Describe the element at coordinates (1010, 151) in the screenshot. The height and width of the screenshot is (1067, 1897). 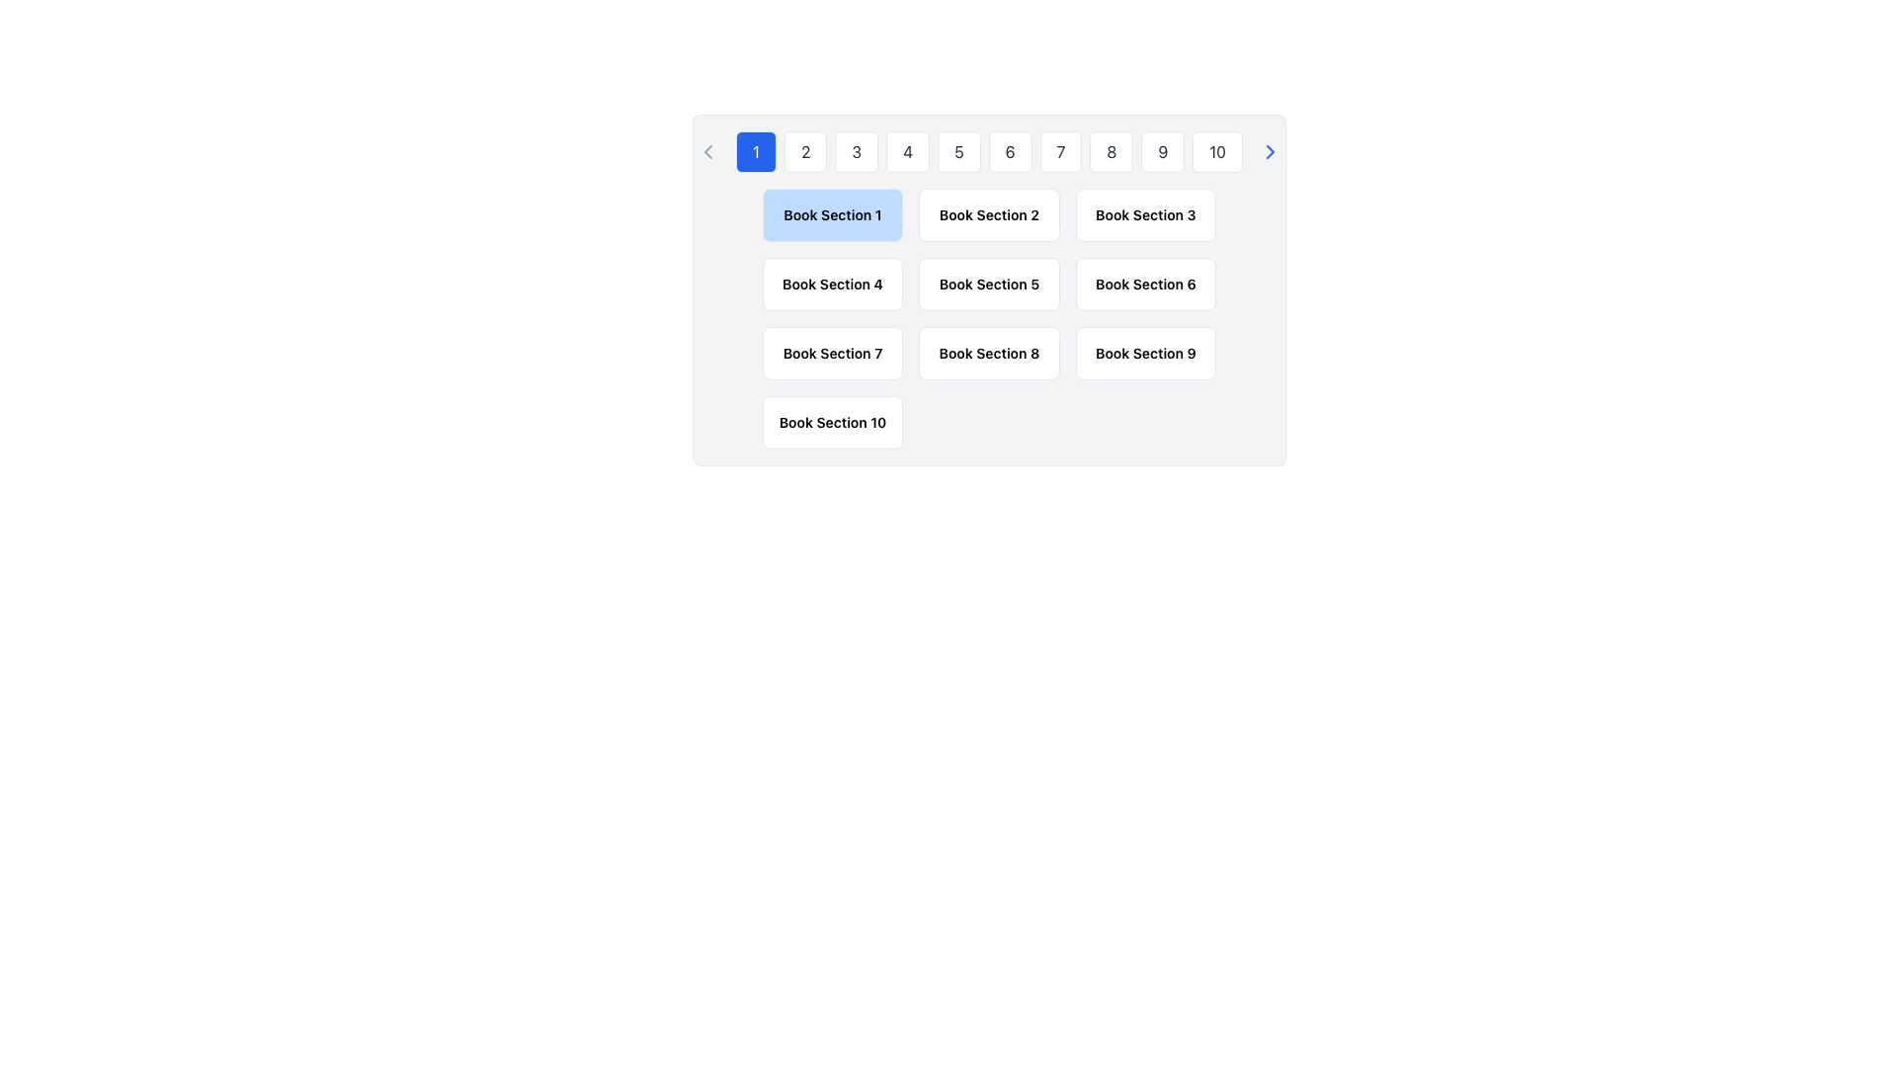
I see `the button labeled '6', which is the 6th button in a row of sequential buttons, to trigger visual feedback` at that location.